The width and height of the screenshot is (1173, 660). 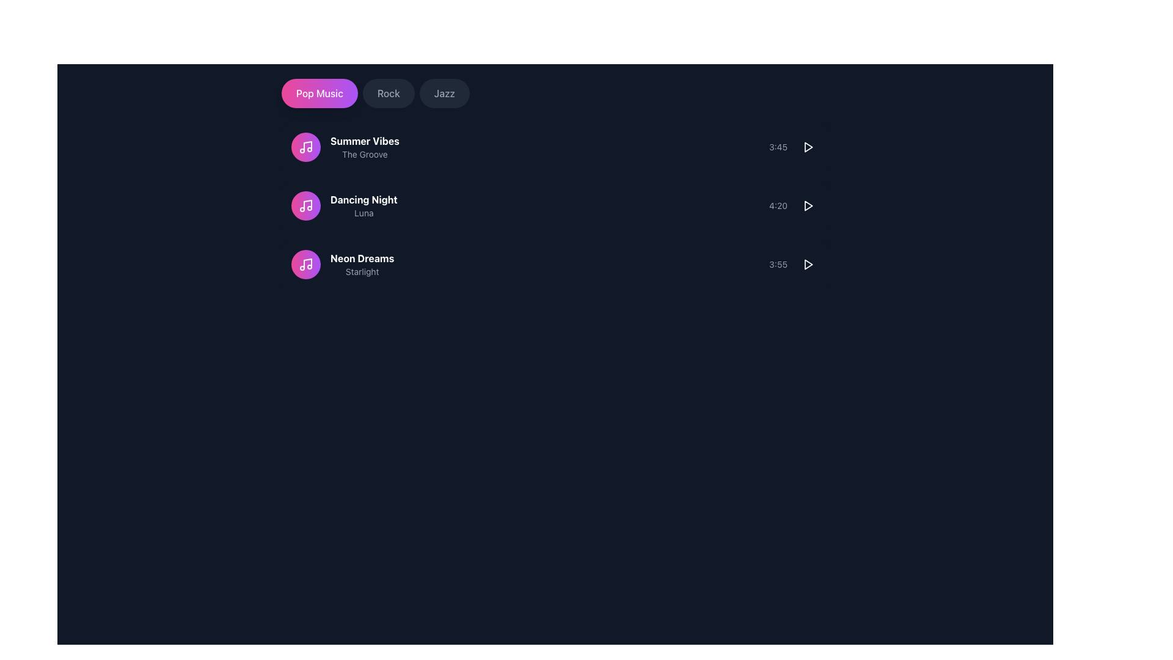 I want to click on the text label that reads 'Dancing Night', which is styled in bold white font and centrally aligned within a dark background, so click(x=363, y=199).